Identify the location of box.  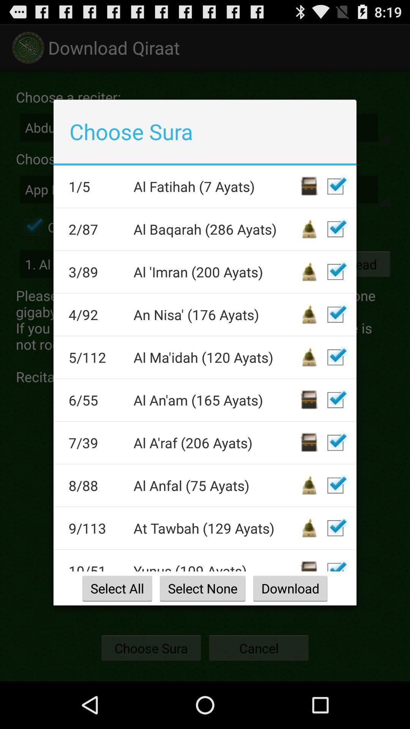
(335, 229).